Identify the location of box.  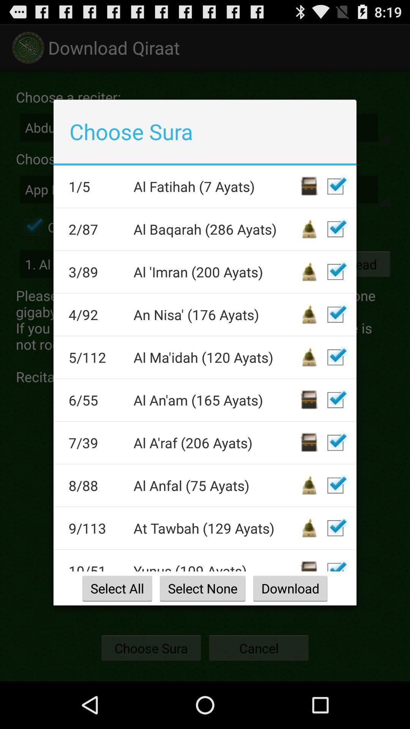
(335, 229).